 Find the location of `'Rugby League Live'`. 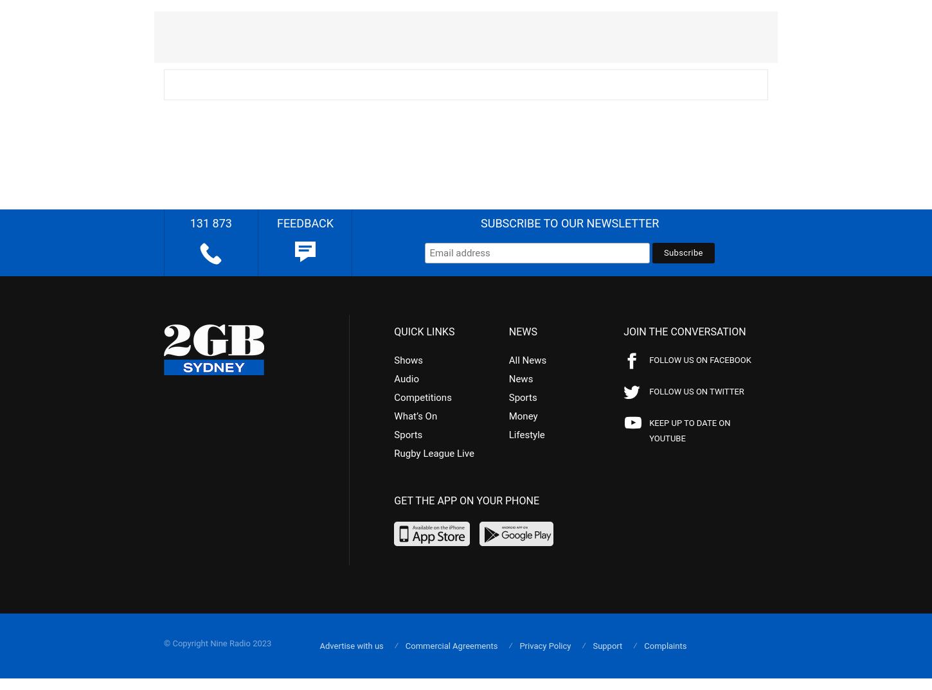

'Rugby League Live' is located at coordinates (433, 452).